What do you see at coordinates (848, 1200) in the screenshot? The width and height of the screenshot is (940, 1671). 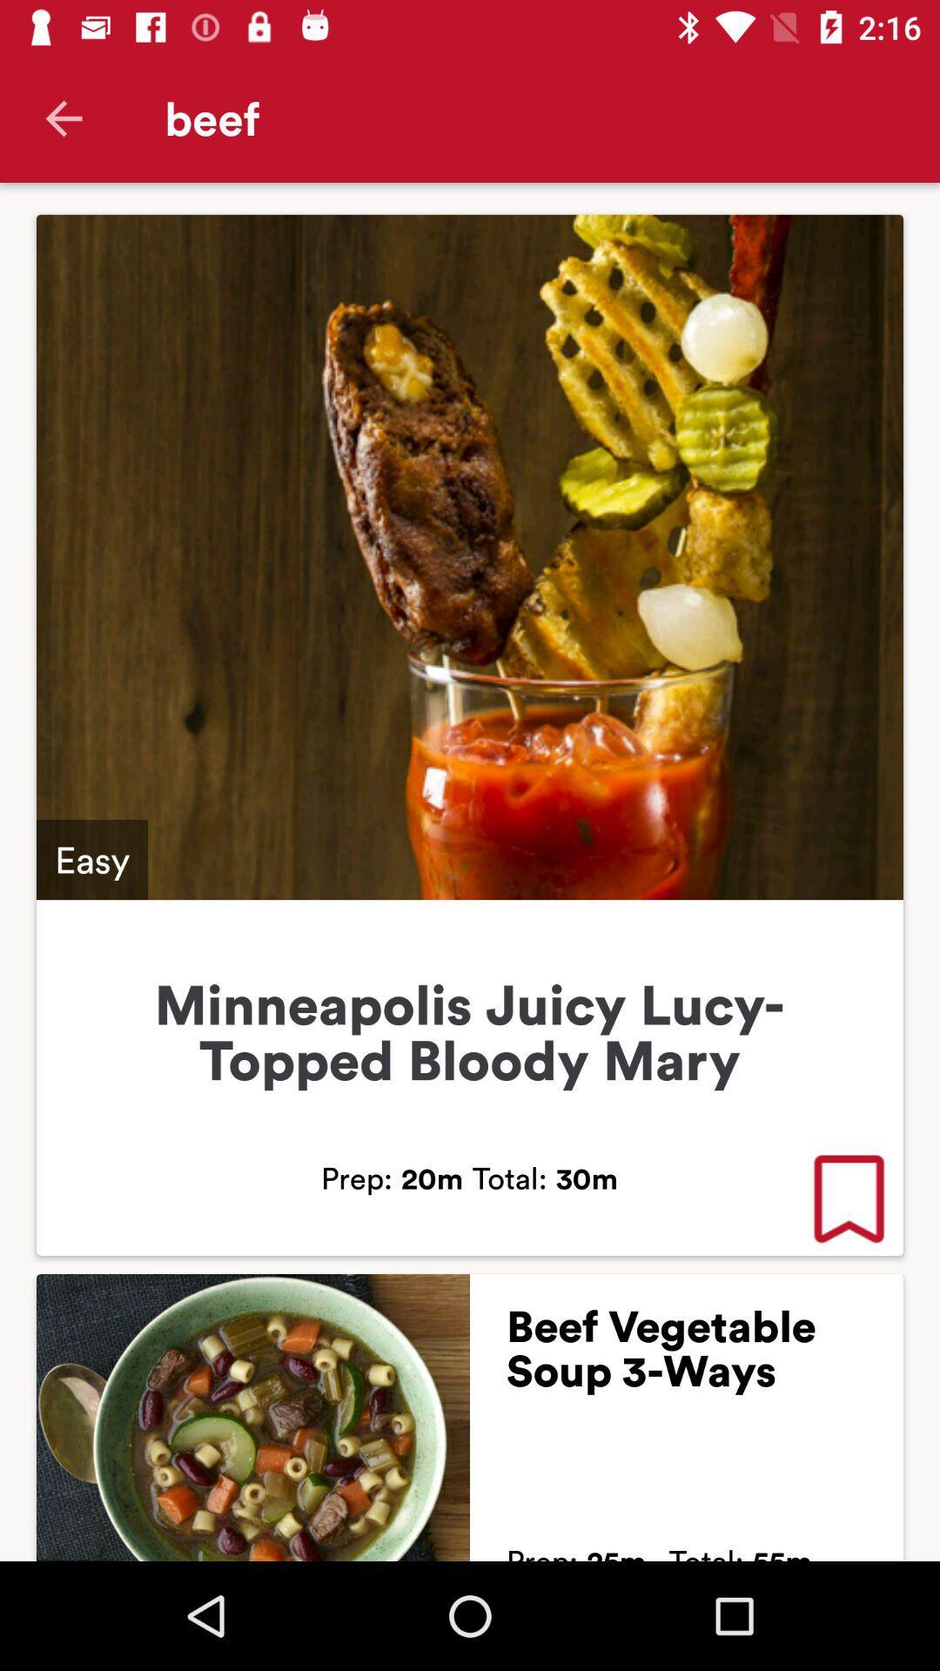 I see `the icon to the right of 30m icon` at bounding box center [848, 1200].